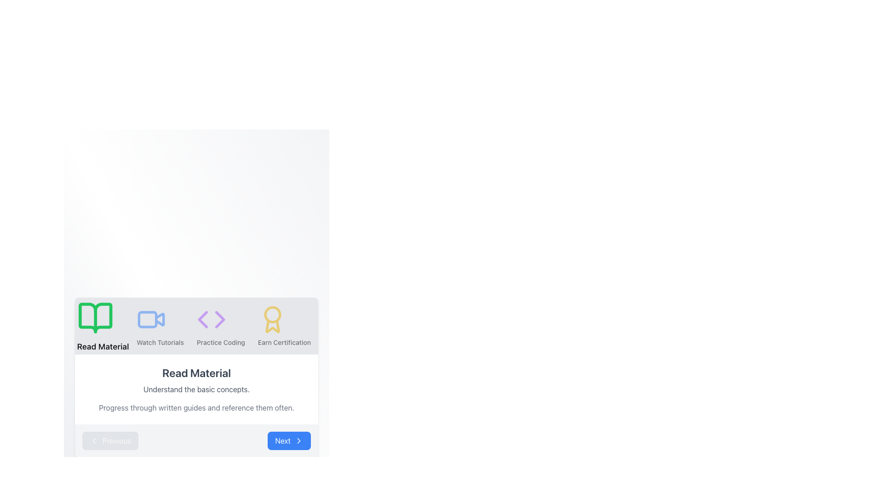  I want to click on the Chevron Right icon located within the 'Next' button at the bottom-right of the interface, so click(298, 440).